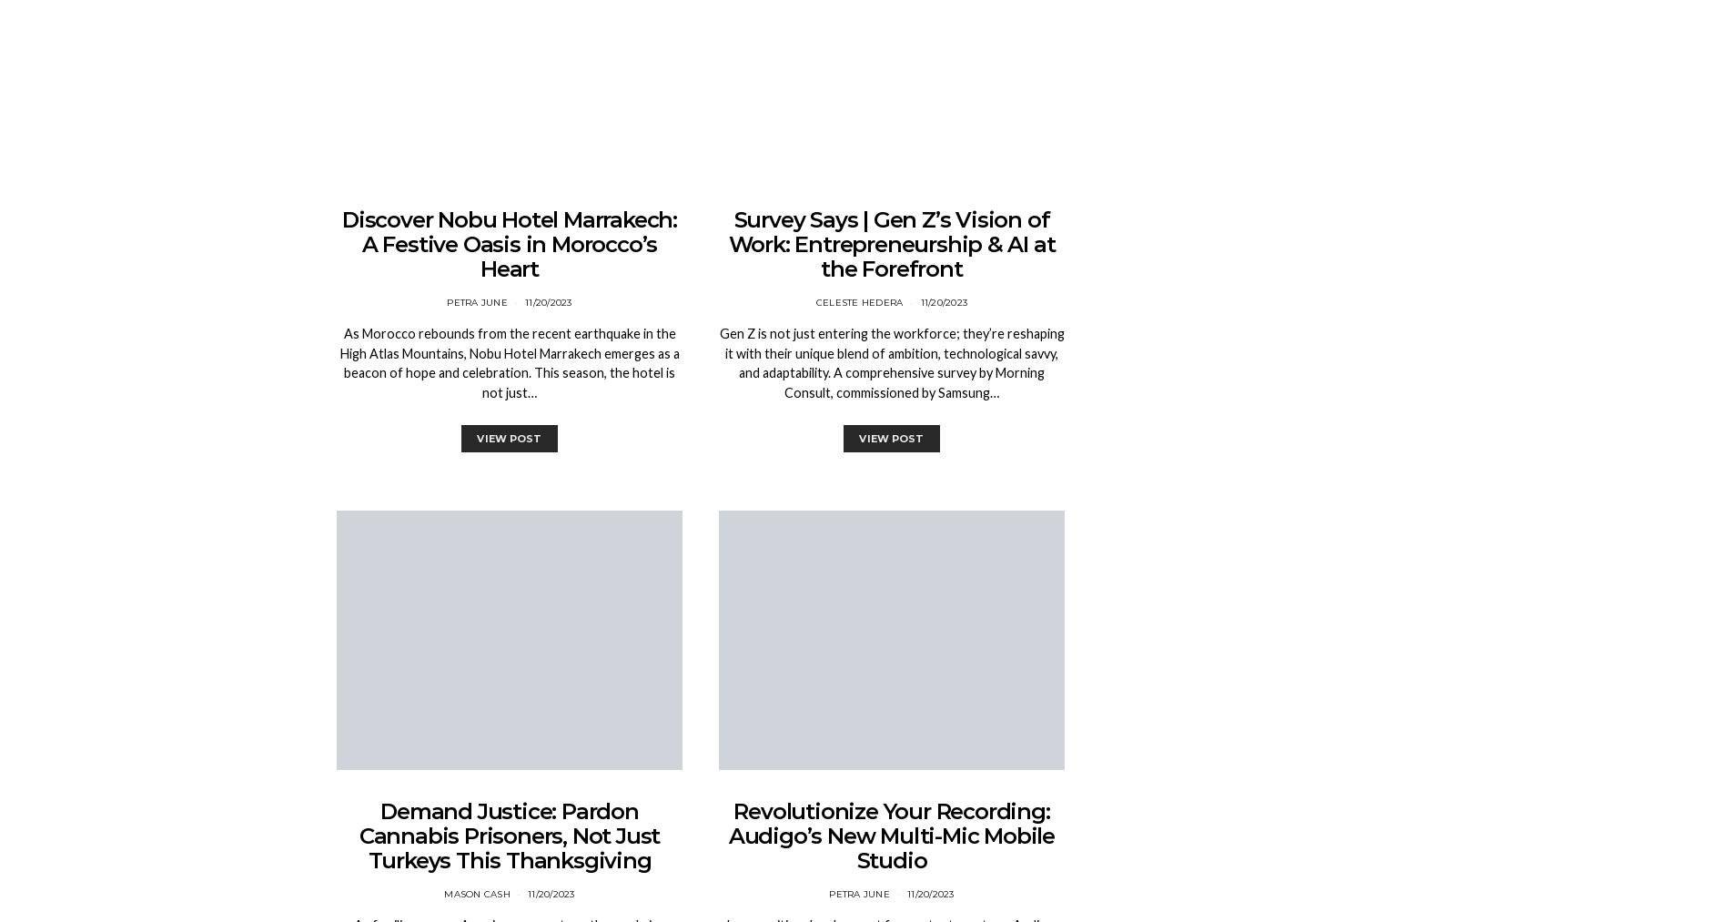  Describe the element at coordinates (727, 836) in the screenshot. I see `'Revolutionize Your Recording: Audigo’s New Multi-Mic Mobile Studio'` at that location.